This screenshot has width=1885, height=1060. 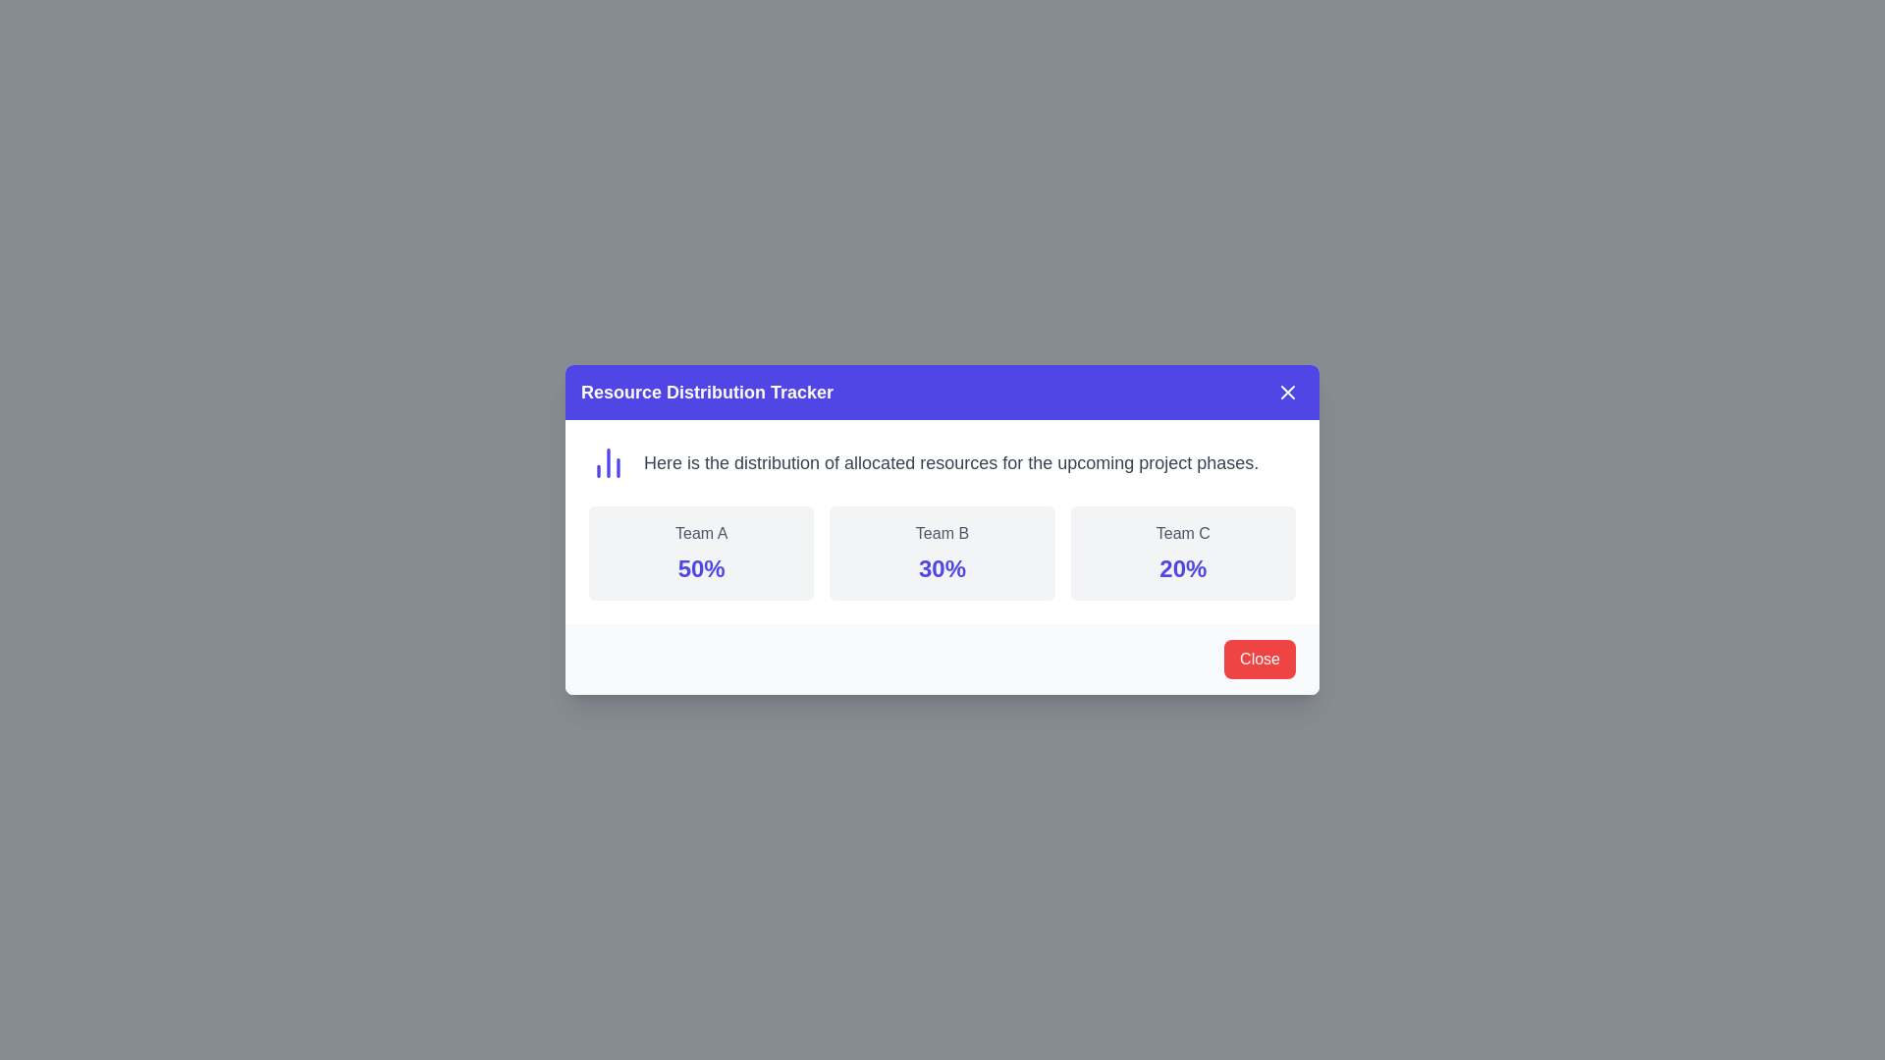 I want to click on the information displayed on the informational card representing the team's resource allocation, located at the top-middle section of the dialog box, so click(x=701, y=553).